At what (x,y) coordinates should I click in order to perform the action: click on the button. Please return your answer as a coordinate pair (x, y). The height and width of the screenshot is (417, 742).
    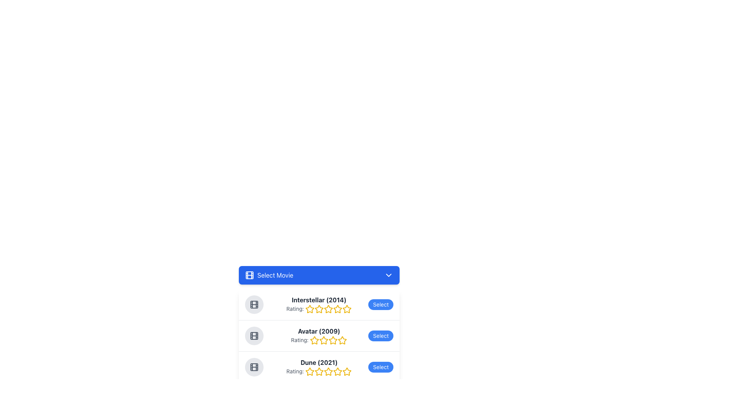
    Looking at the image, I should click on (381, 304).